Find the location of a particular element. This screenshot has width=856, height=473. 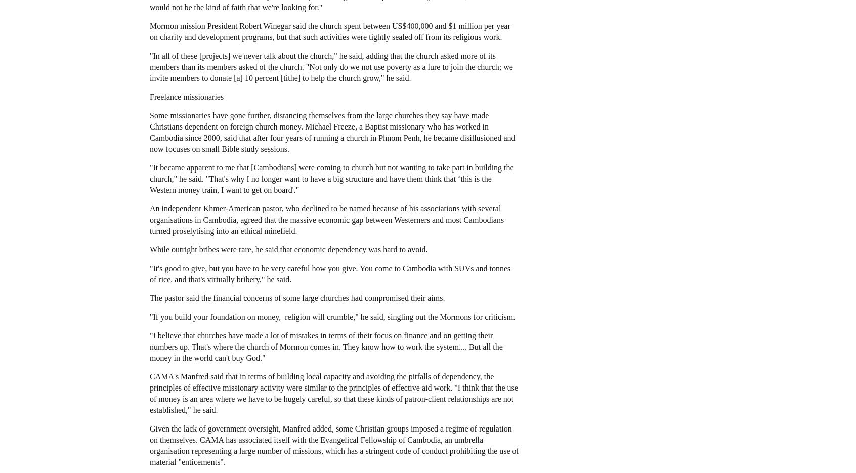

'Some missionaries have gone further, distancing themselves from the large churches they say have made Christians dependent on foreign church money. Michael Freeze, a Baptist missionary who has worked in Cambodia since 2000, said that after four years of running a church in Phnom Penh, he became disillusioned and now focuses on small Bible study sessions.' is located at coordinates (332, 131).